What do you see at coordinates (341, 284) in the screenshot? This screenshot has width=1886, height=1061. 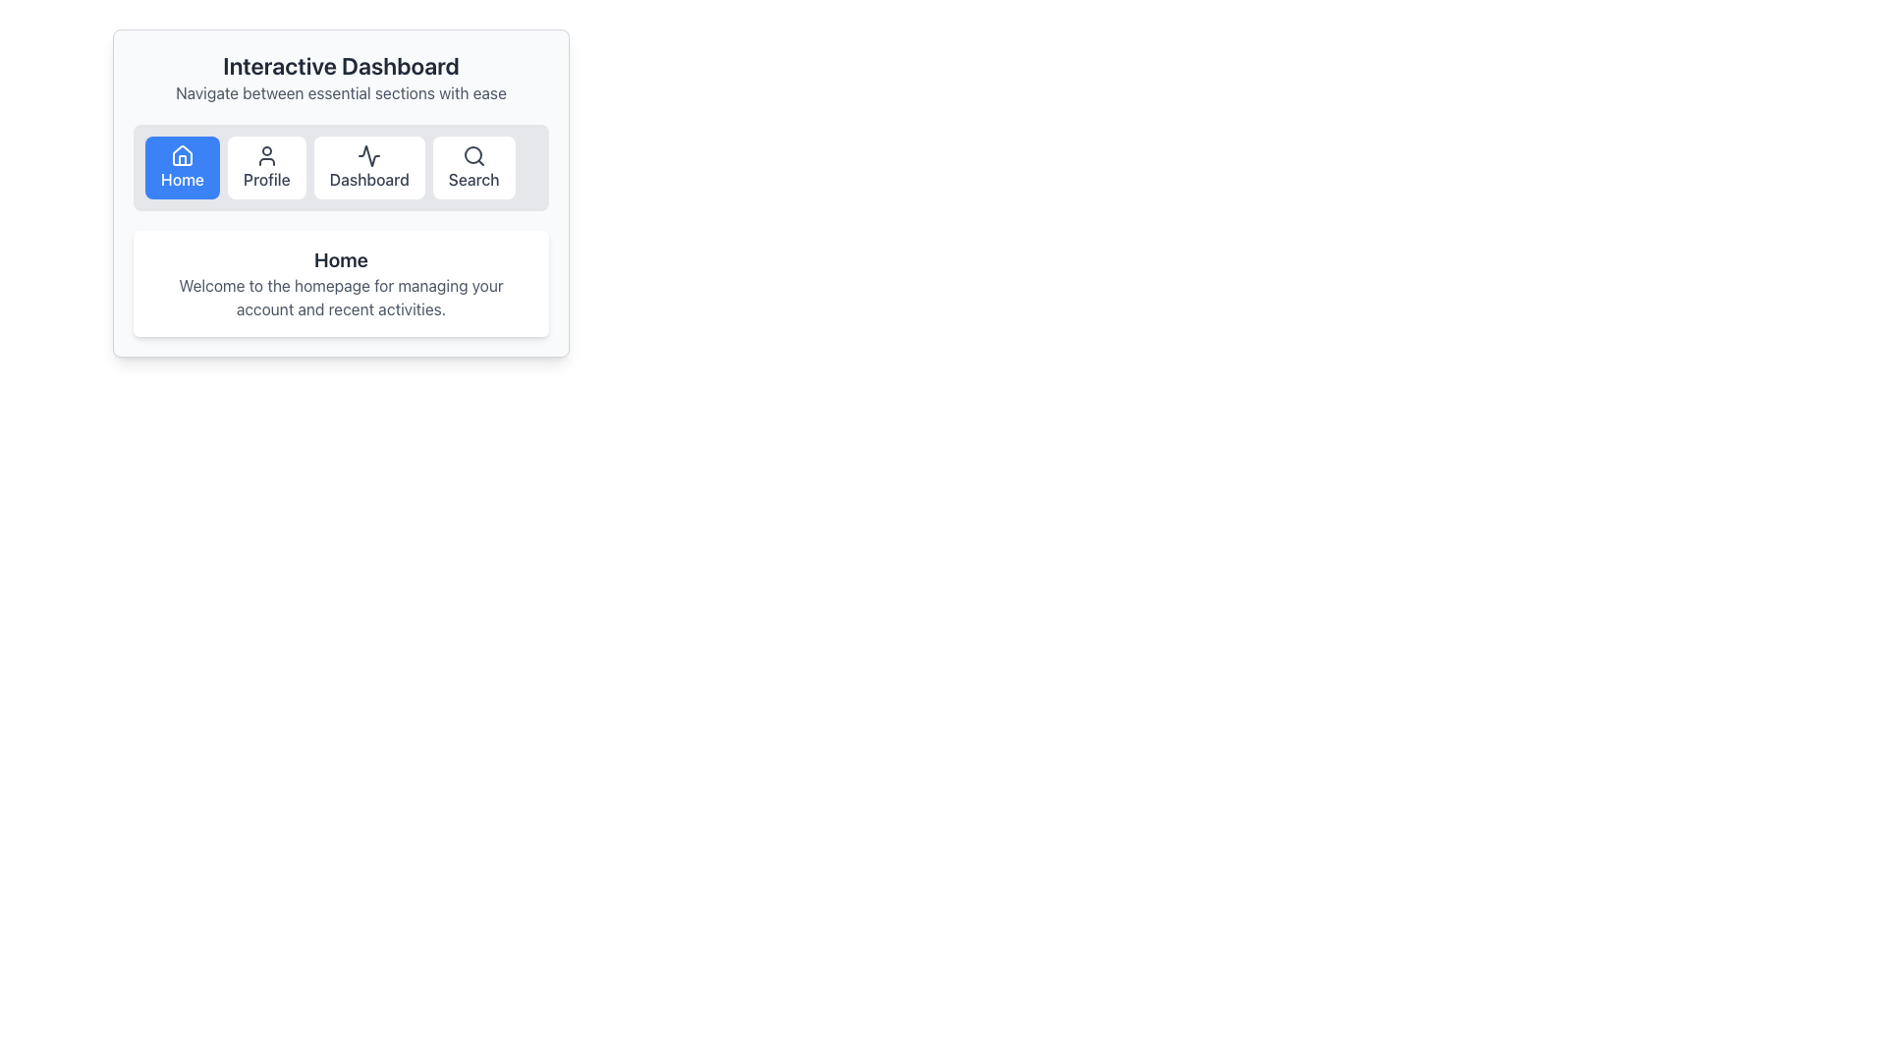 I see `the Informational section that displays 'Home' prominently at the top, which is styled with rounded corners and a white background, located below the button row in the 'Interactive Dashboard'` at bounding box center [341, 284].